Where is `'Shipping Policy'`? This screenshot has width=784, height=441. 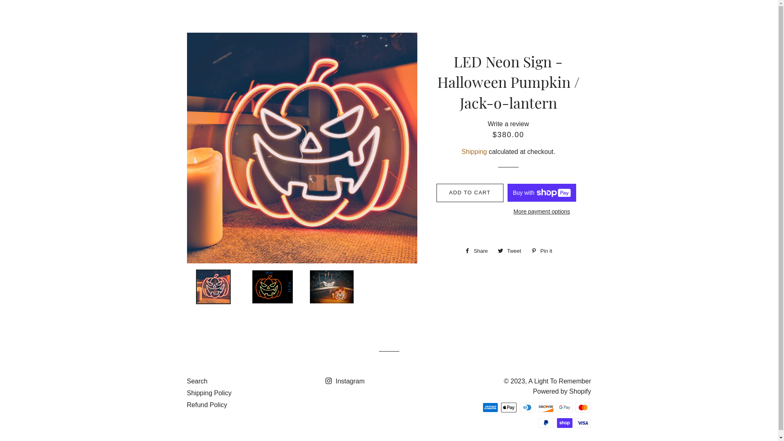 'Shipping Policy' is located at coordinates (209, 392).